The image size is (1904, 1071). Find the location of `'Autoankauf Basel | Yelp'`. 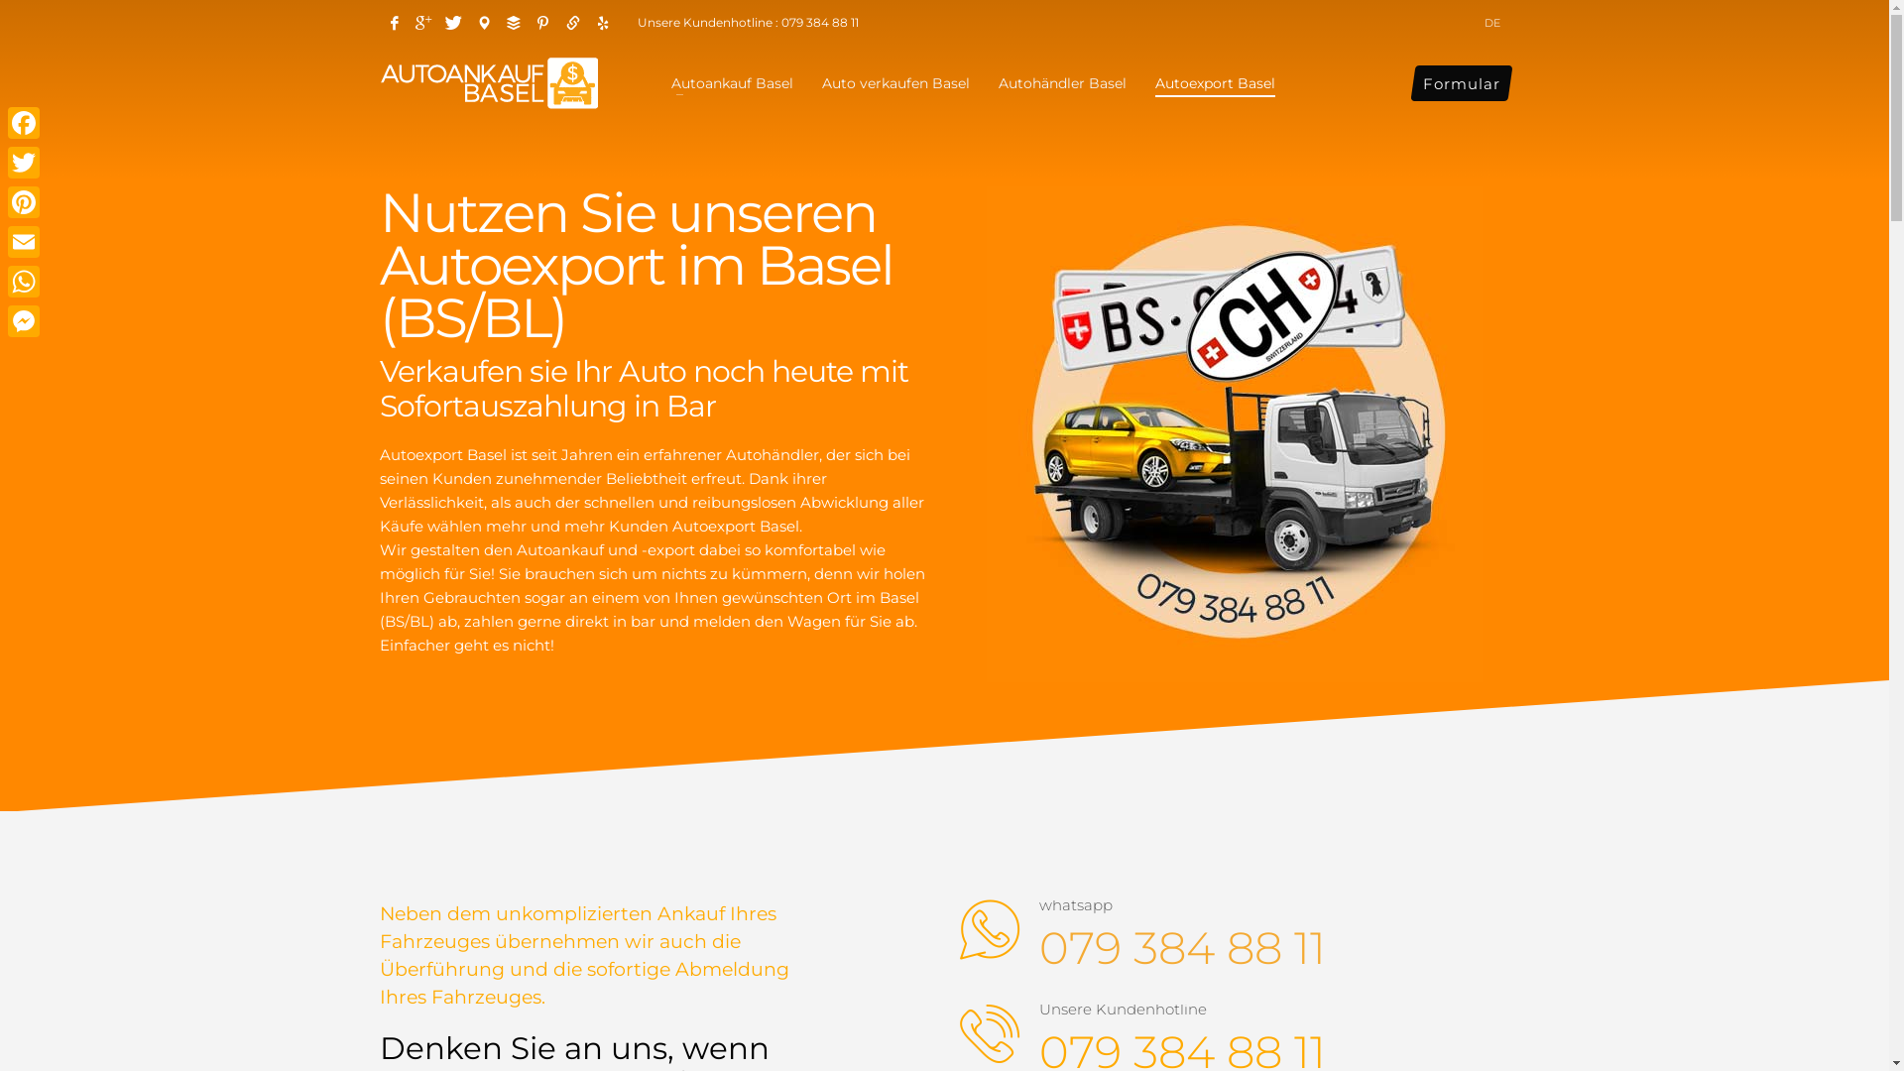

'Autoankauf Basel | Yelp' is located at coordinates (585, 23).